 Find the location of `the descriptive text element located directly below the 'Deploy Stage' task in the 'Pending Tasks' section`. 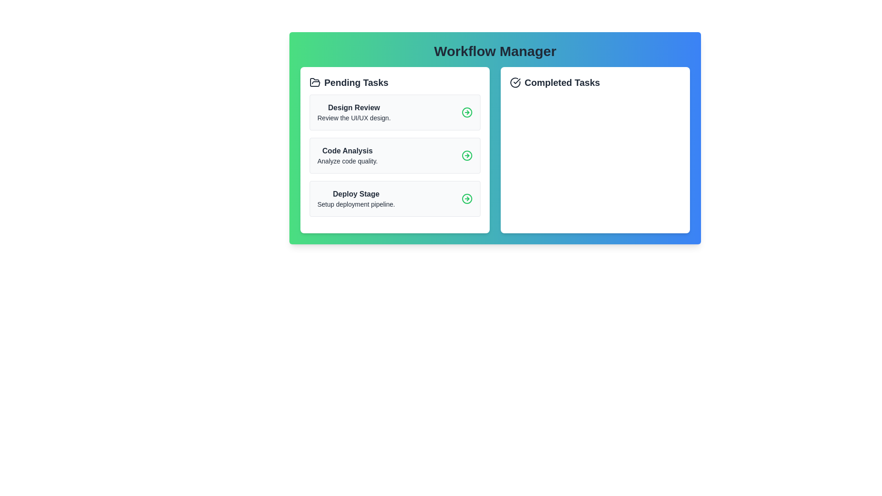

the descriptive text element located directly below the 'Deploy Stage' task in the 'Pending Tasks' section is located at coordinates (356, 203).